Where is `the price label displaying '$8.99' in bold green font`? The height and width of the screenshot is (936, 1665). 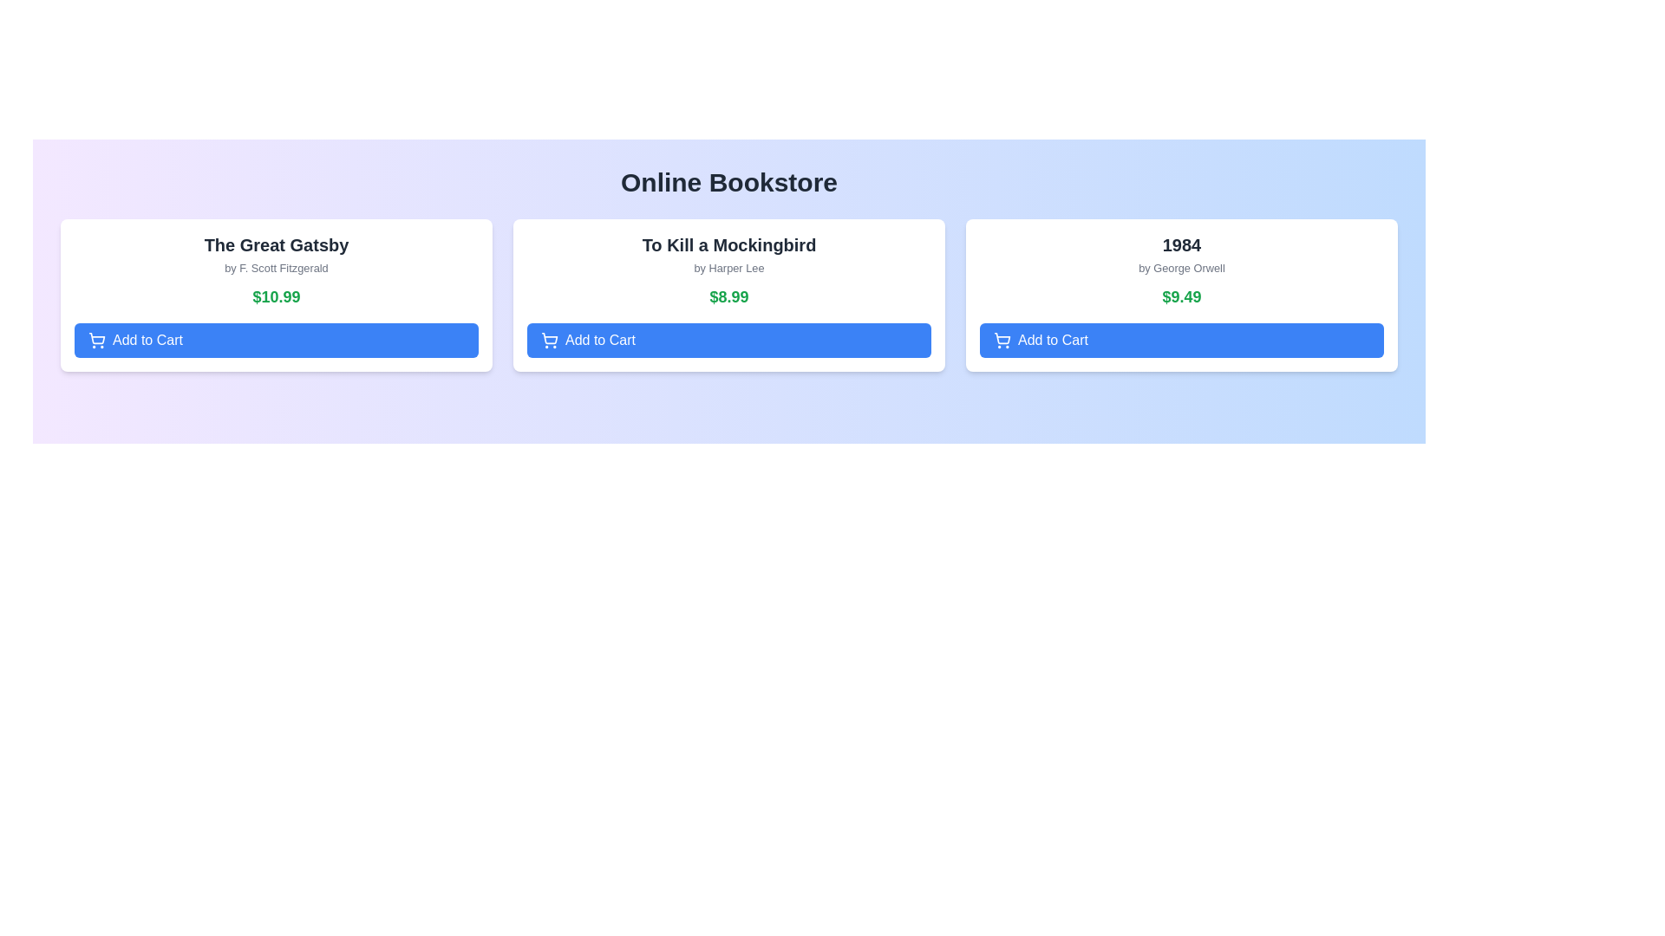
the price label displaying '$8.99' in bold green font is located at coordinates (728, 296).